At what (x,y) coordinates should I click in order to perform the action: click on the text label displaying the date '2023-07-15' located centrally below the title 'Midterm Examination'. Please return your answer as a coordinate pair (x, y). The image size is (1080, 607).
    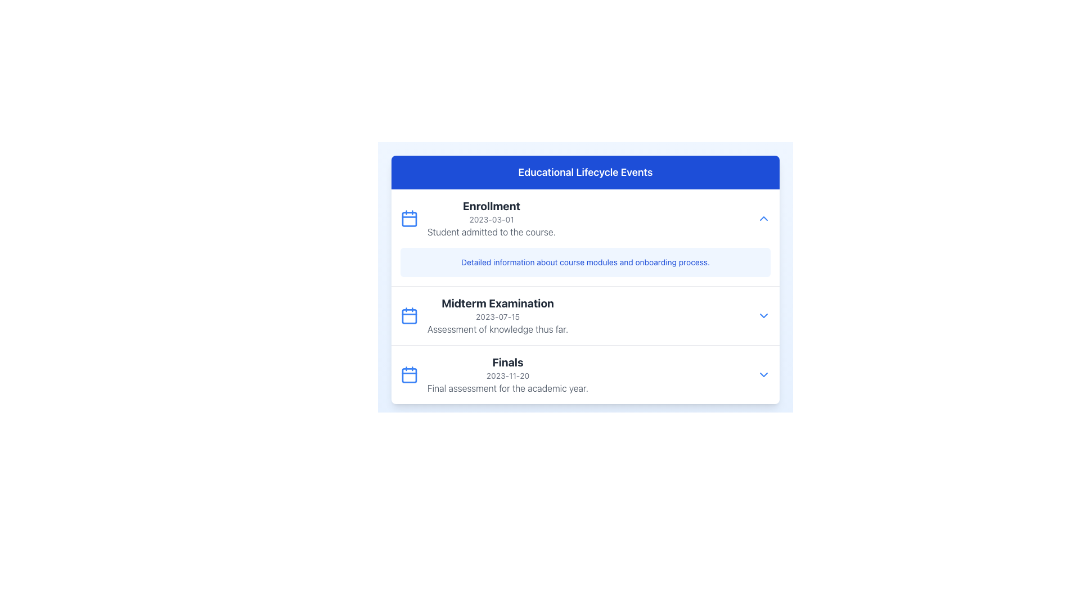
    Looking at the image, I should click on (497, 316).